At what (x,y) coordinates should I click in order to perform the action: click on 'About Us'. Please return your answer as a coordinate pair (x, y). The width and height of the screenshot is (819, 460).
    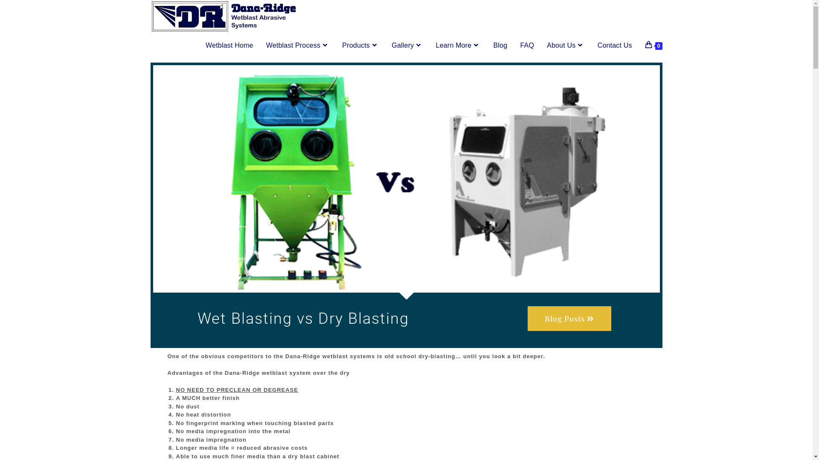
    Looking at the image, I should click on (566, 46).